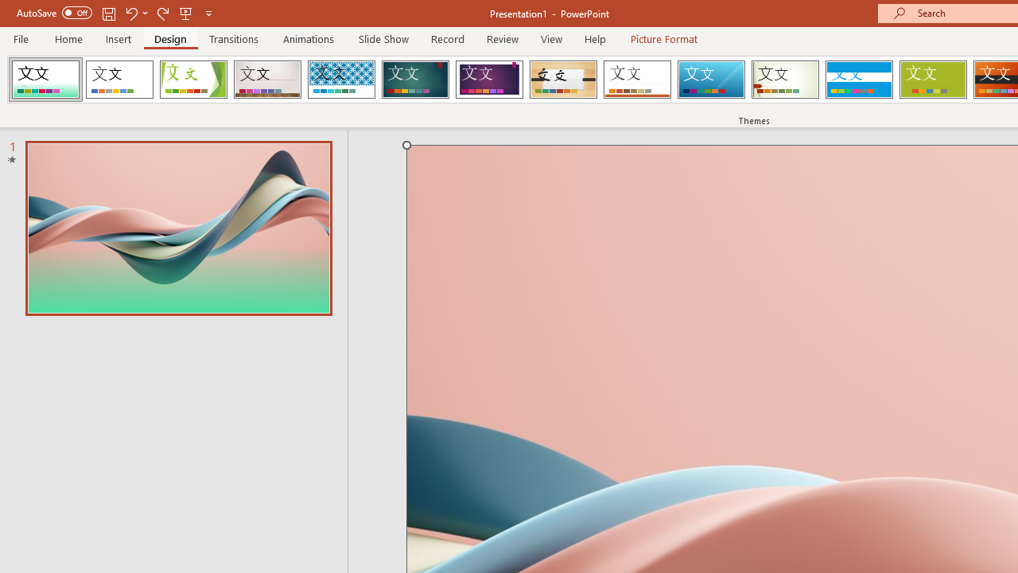  Describe the element at coordinates (563, 80) in the screenshot. I see `'Organic'` at that location.